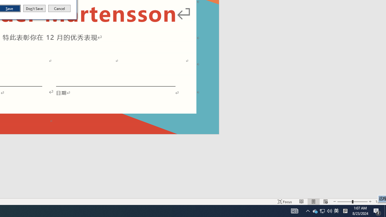 The image size is (386, 217). I want to click on 'Q2790: 100%', so click(329, 210).